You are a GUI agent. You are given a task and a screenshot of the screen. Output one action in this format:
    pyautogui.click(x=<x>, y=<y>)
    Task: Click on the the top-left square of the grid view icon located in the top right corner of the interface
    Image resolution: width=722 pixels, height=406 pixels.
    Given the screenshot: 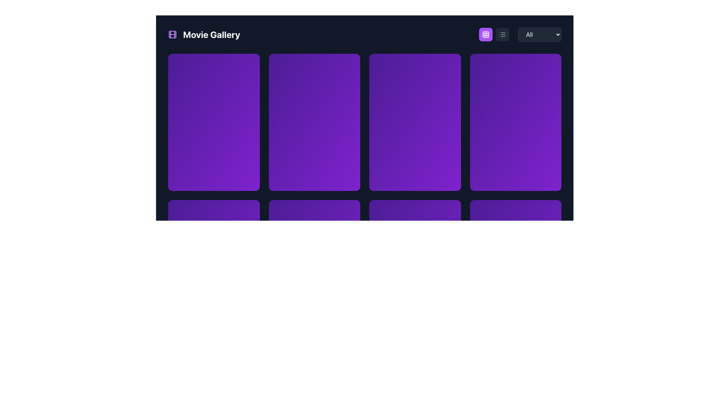 What is the action you would take?
    pyautogui.click(x=485, y=35)
    